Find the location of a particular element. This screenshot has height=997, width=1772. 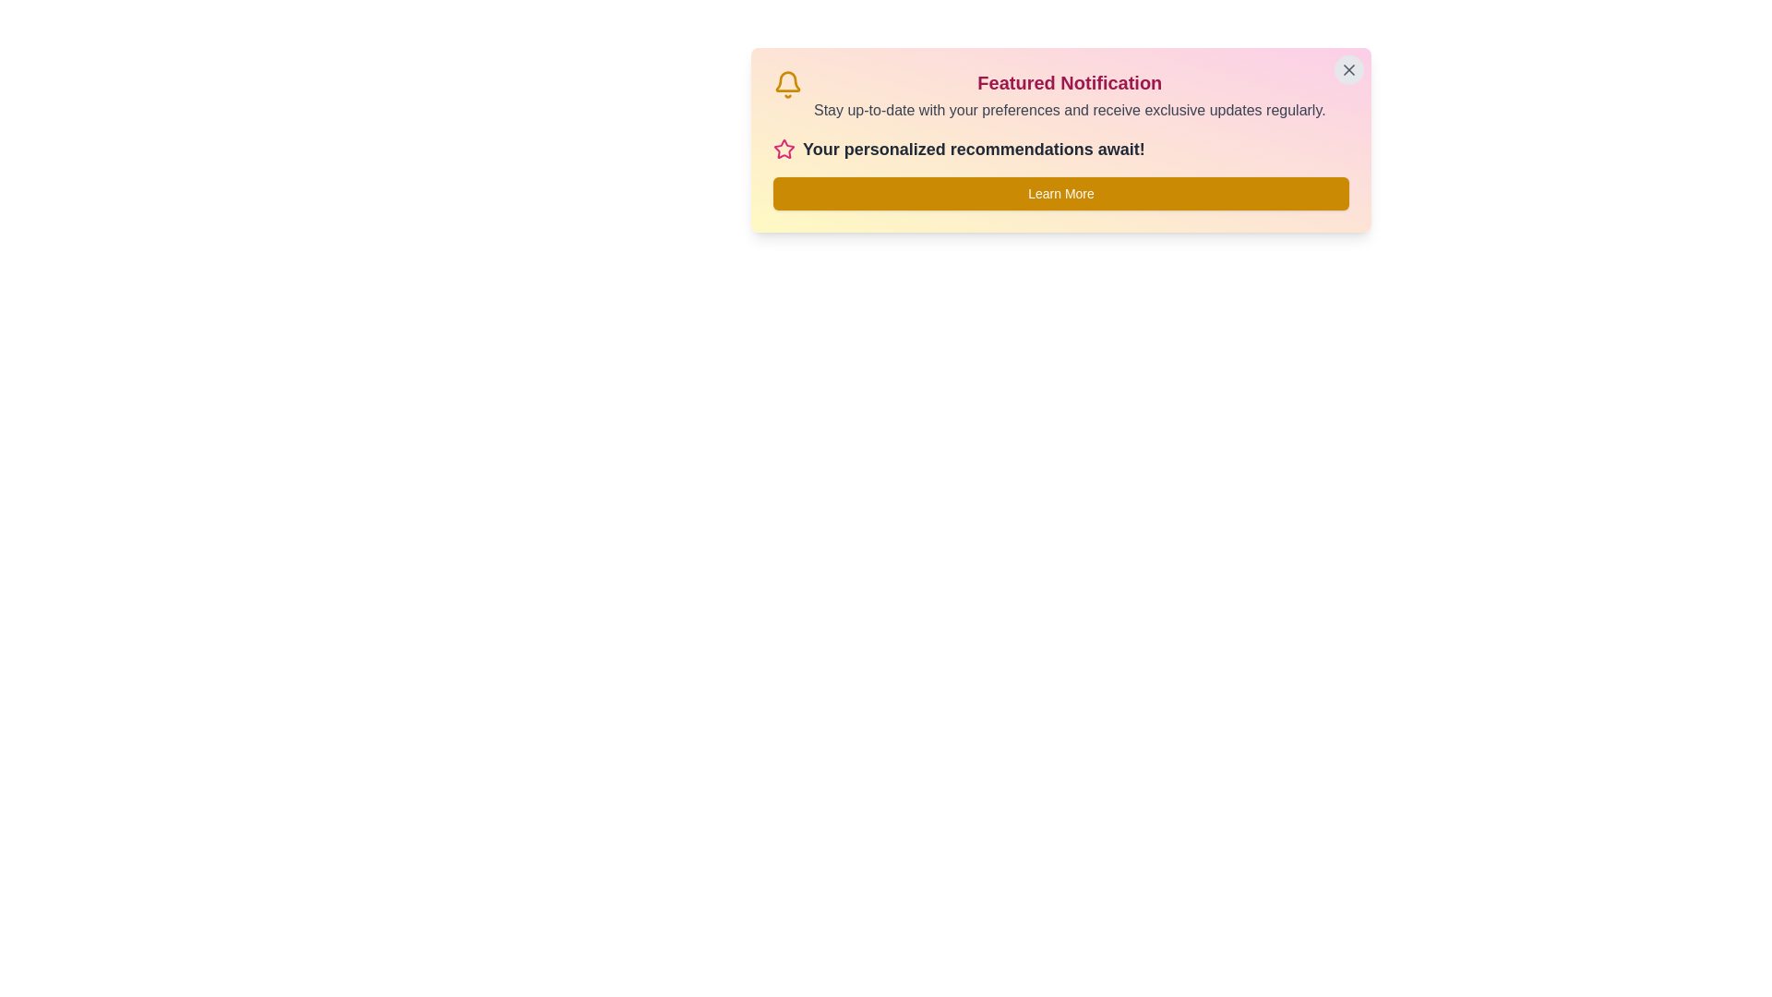

the notification icon to view further information is located at coordinates (788, 85).